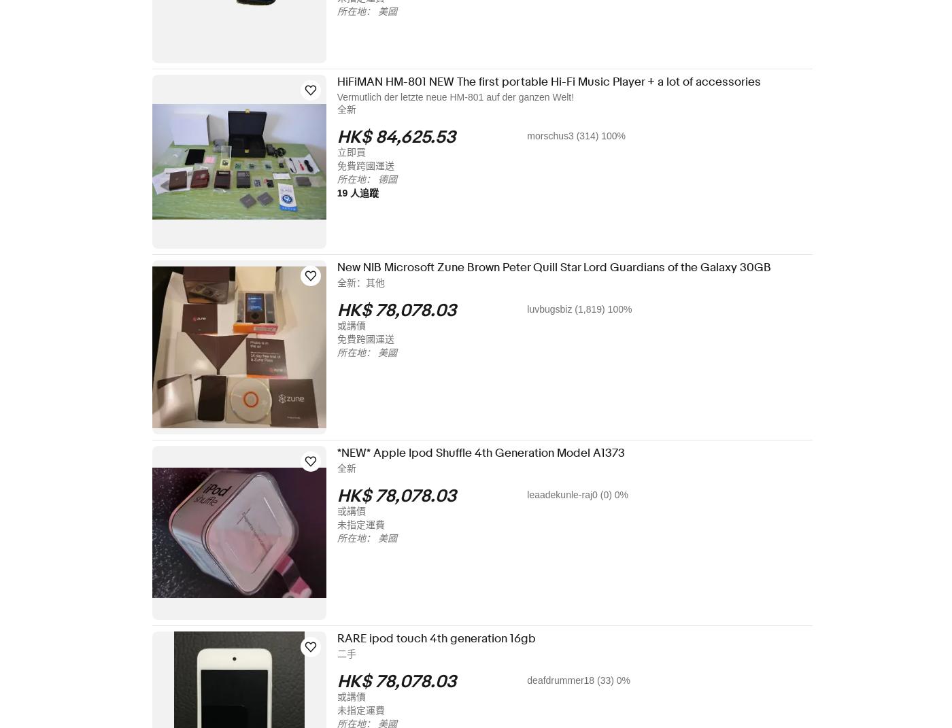 This screenshot has width=952, height=728. Describe the element at coordinates (489, 452) in the screenshot. I see `'*NEW* Apple Ipod Shuffle 4th Generation Model A1373'` at that location.